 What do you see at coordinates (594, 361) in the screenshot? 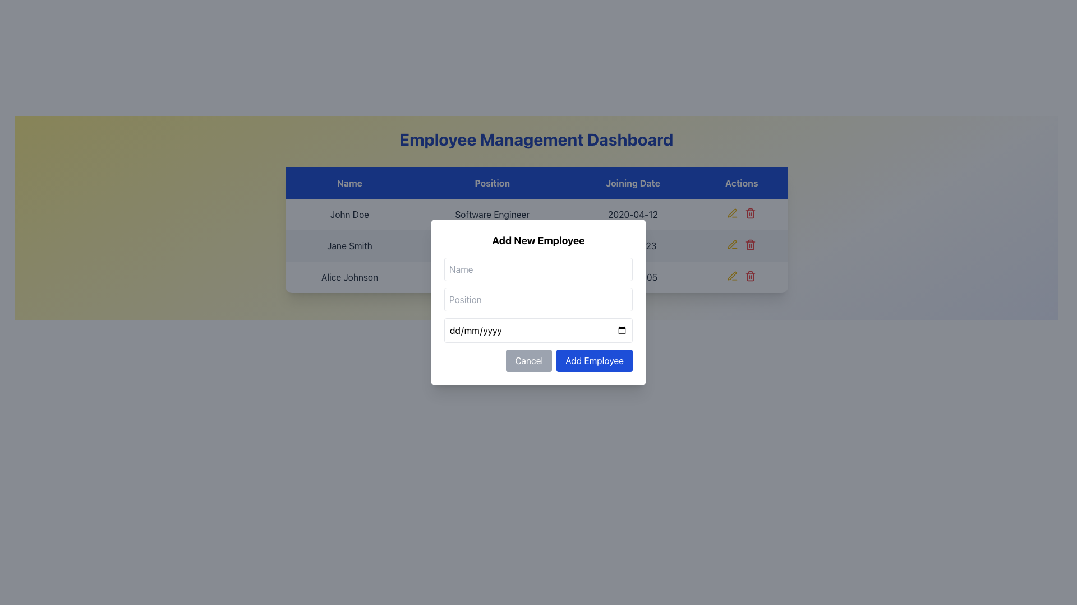
I see `the 'Add Employee' button` at bounding box center [594, 361].